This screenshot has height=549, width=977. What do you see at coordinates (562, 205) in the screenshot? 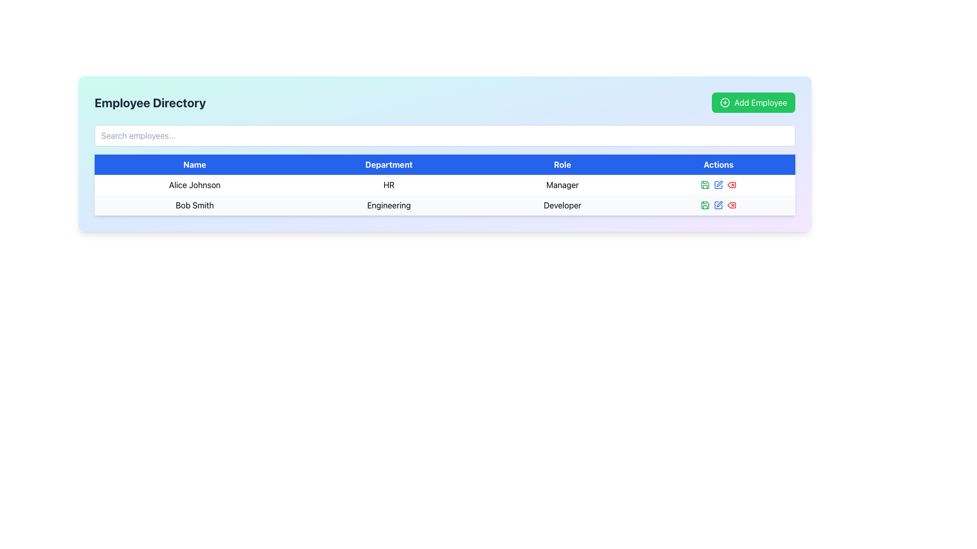
I see `the static text label displaying the job role 'Developer' for the employee 'Bob Smith' in the directory table` at bounding box center [562, 205].